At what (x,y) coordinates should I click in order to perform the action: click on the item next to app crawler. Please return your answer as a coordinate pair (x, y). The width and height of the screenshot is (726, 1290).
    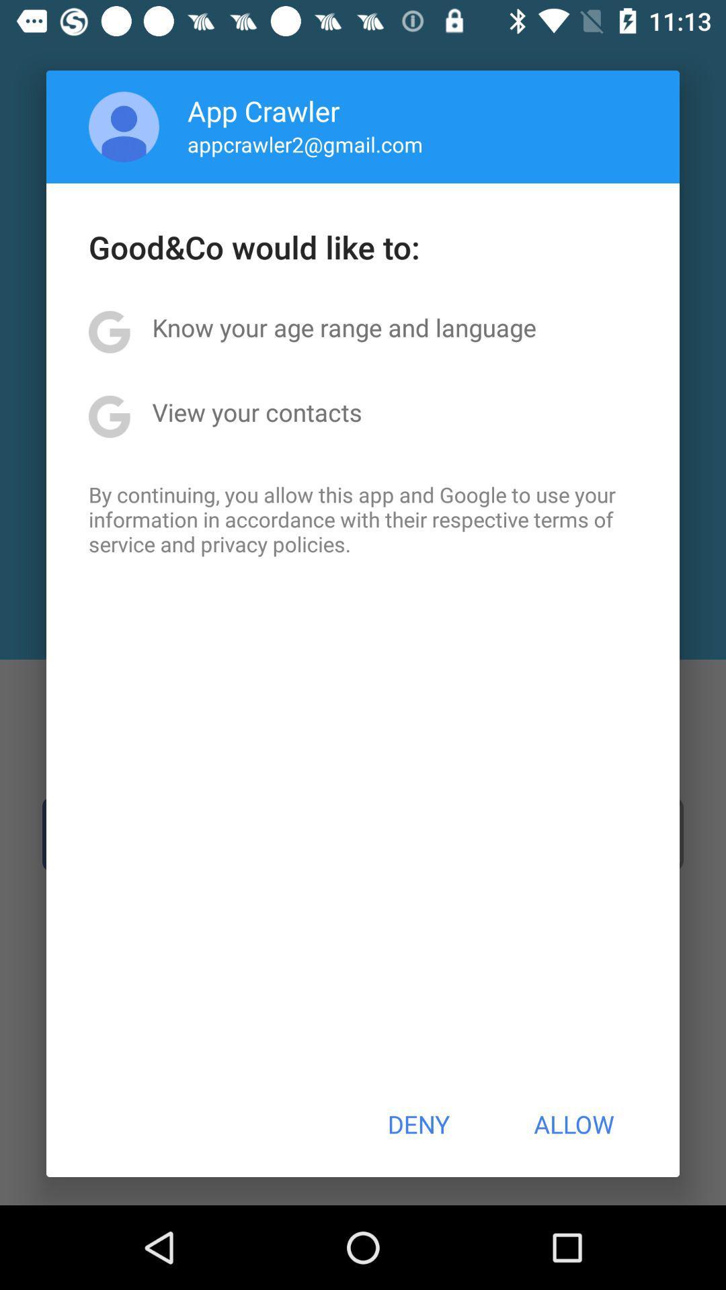
    Looking at the image, I should click on (124, 126).